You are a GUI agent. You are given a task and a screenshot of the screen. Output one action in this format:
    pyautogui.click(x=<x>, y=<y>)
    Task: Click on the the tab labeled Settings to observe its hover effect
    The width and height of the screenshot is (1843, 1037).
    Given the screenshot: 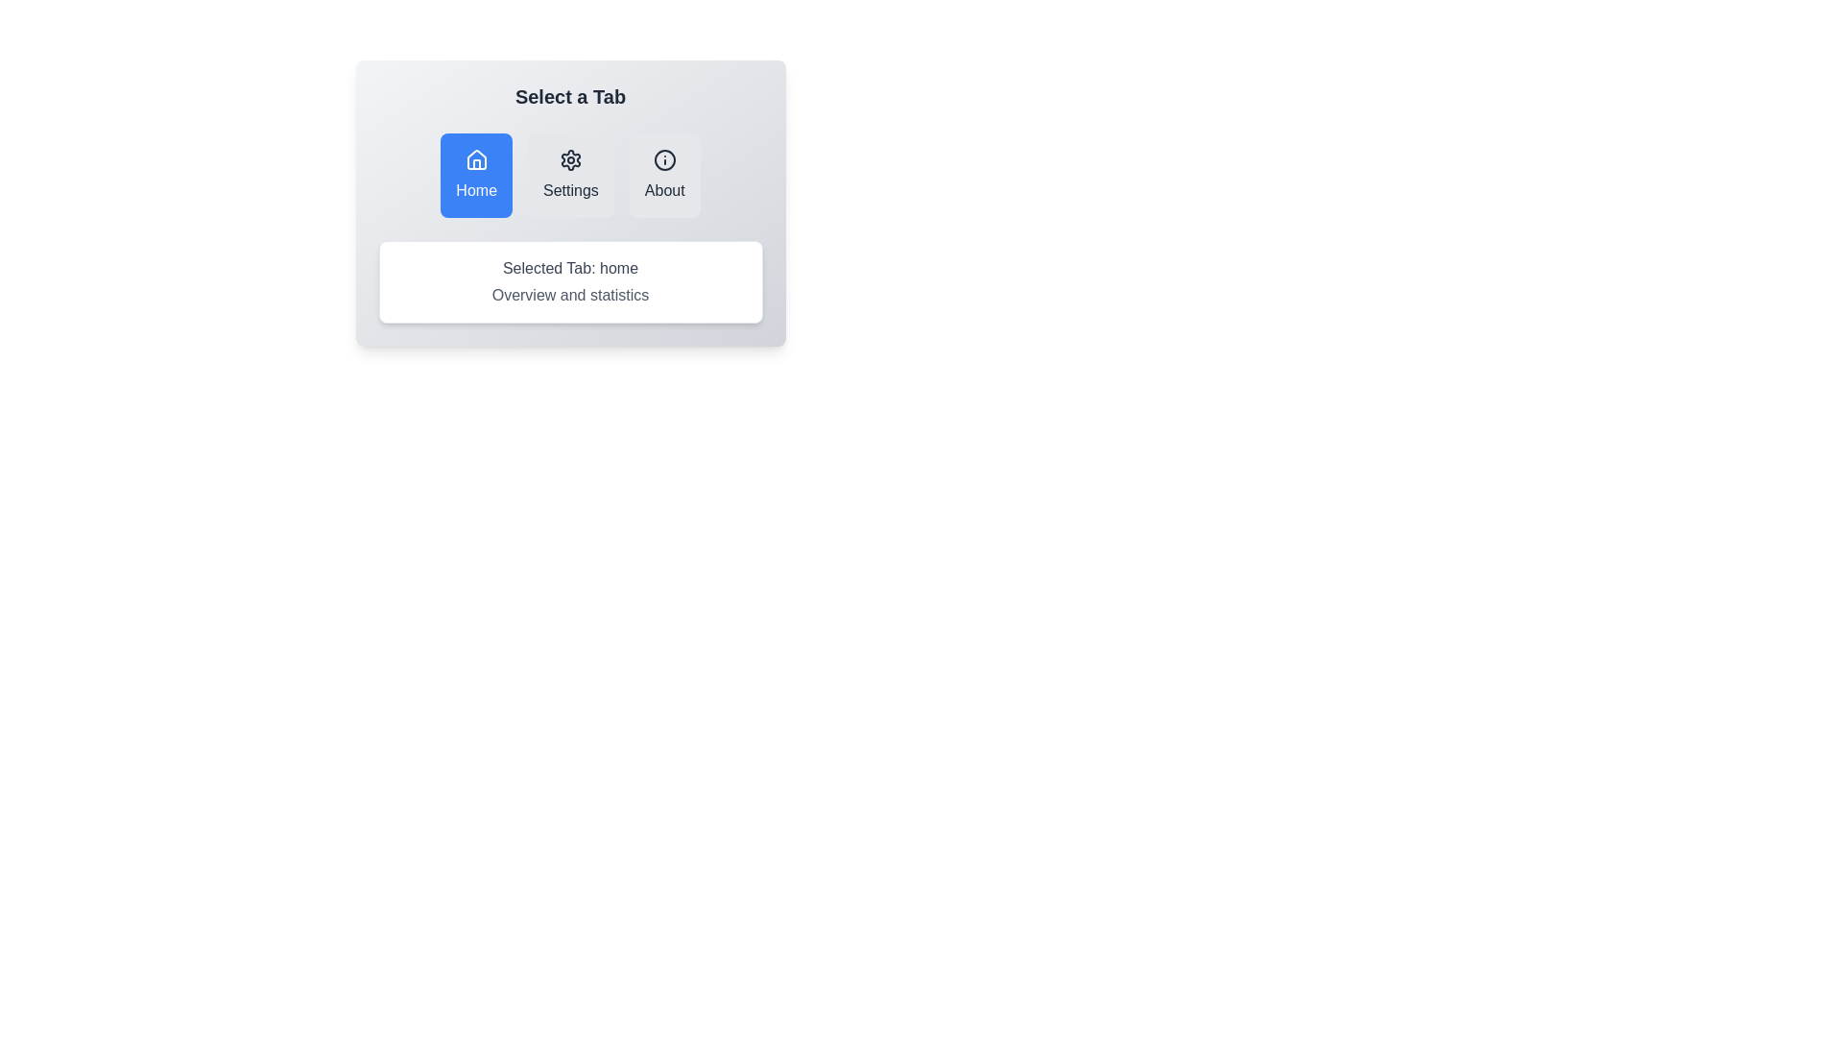 What is the action you would take?
    pyautogui.click(x=570, y=175)
    